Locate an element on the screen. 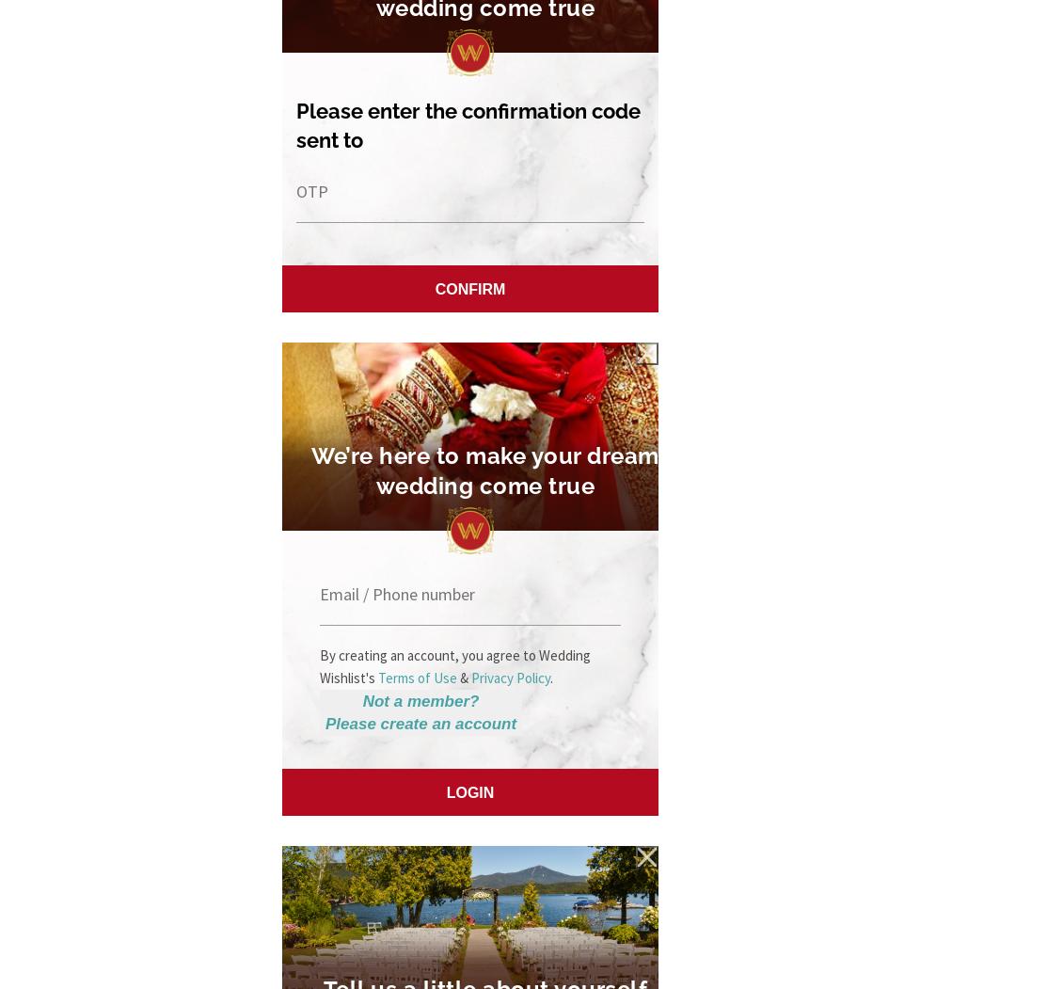  'By
                                creating an account, you agree to Wedding Wishlist's' is located at coordinates (455, 664).